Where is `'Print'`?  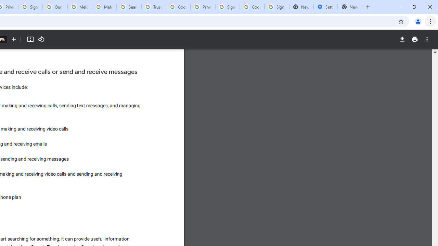 'Print' is located at coordinates (414, 39).